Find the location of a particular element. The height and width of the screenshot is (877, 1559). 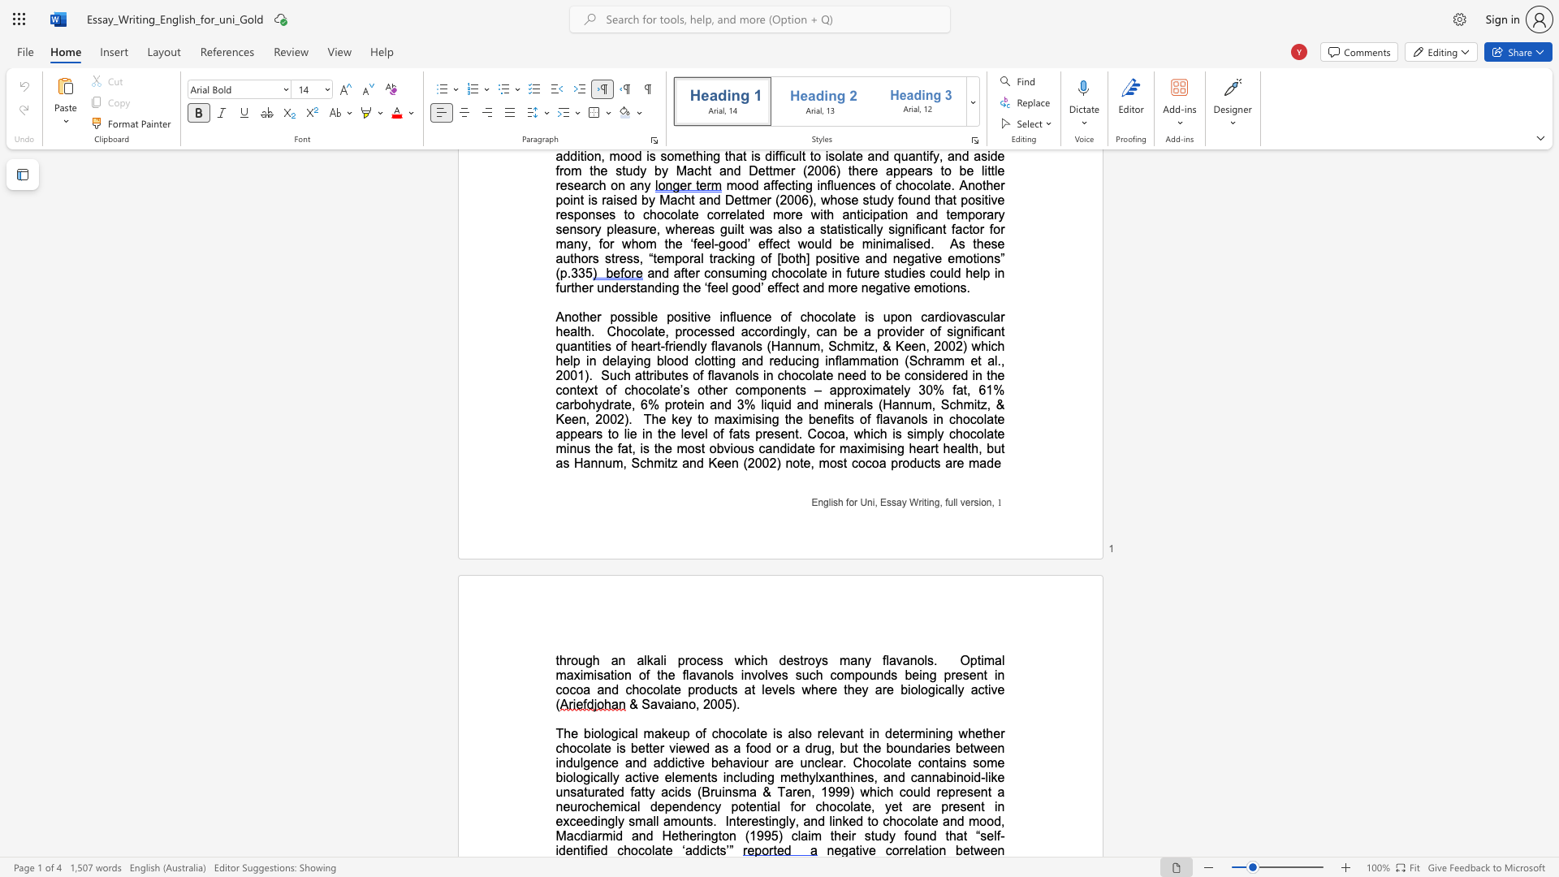

the subset text "ls" within the text "The biological makeup of chocolate is also relevant in" is located at coordinates (795, 733).